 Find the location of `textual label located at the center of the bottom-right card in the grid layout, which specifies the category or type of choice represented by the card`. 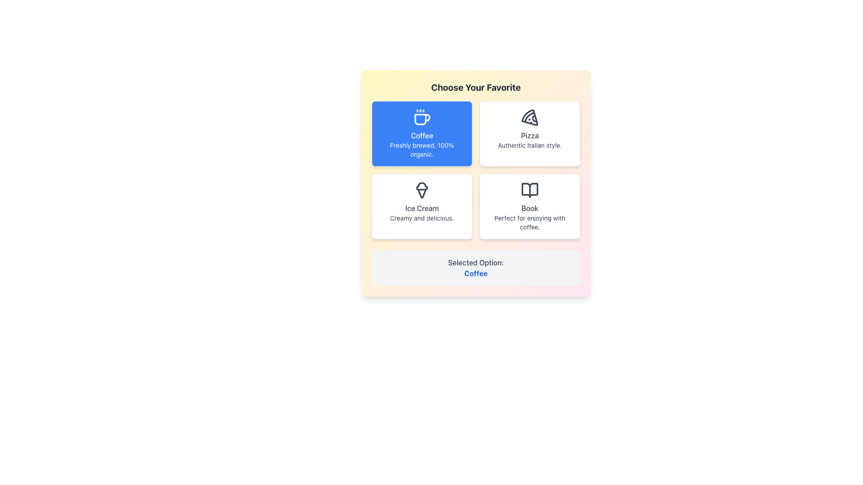

textual label located at the center of the bottom-right card in the grid layout, which specifies the category or type of choice represented by the card is located at coordinates (530, 208).